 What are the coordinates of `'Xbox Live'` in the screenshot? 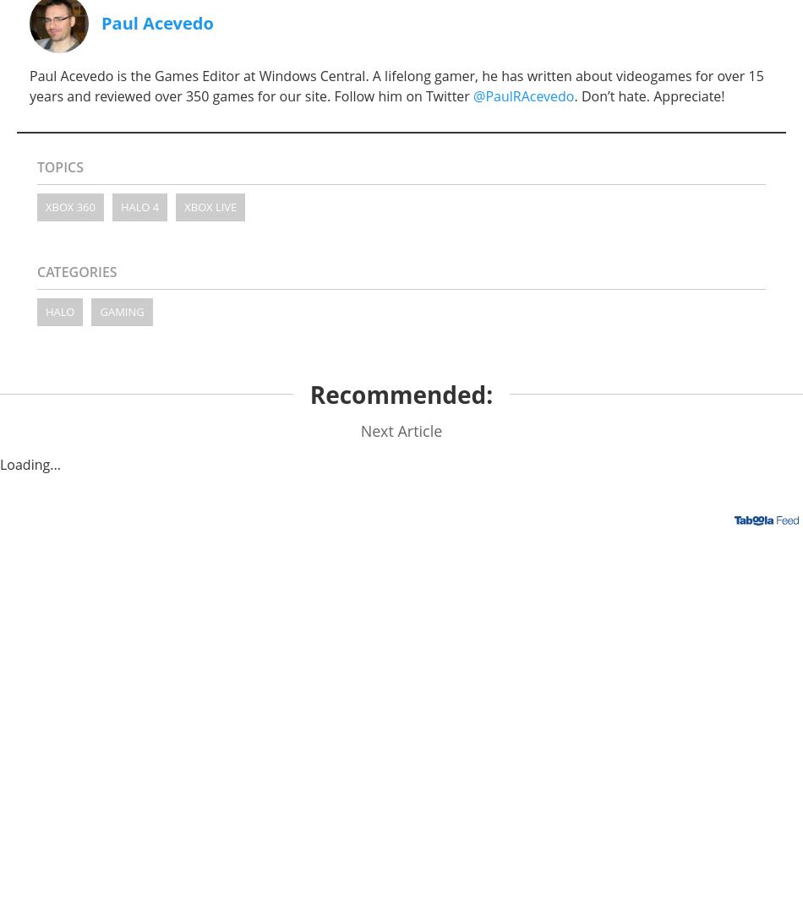 It's located at (209, 206).